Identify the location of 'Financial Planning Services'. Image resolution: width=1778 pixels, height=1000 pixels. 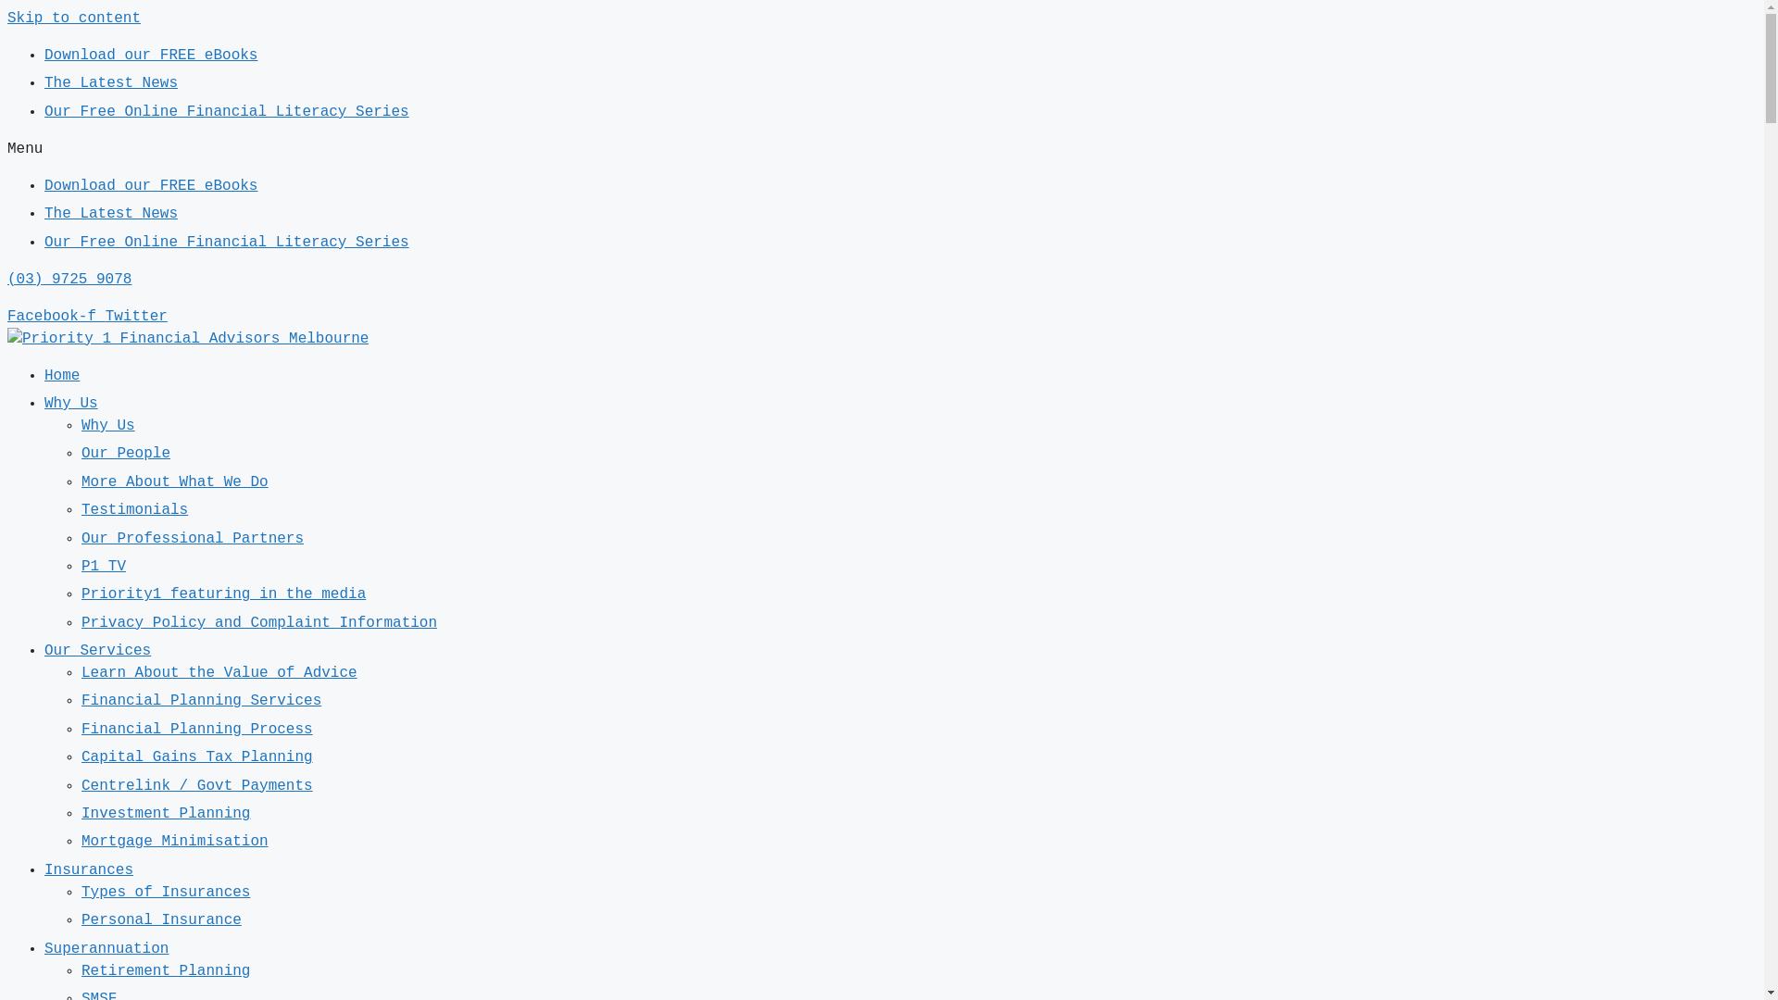
(201, 700).